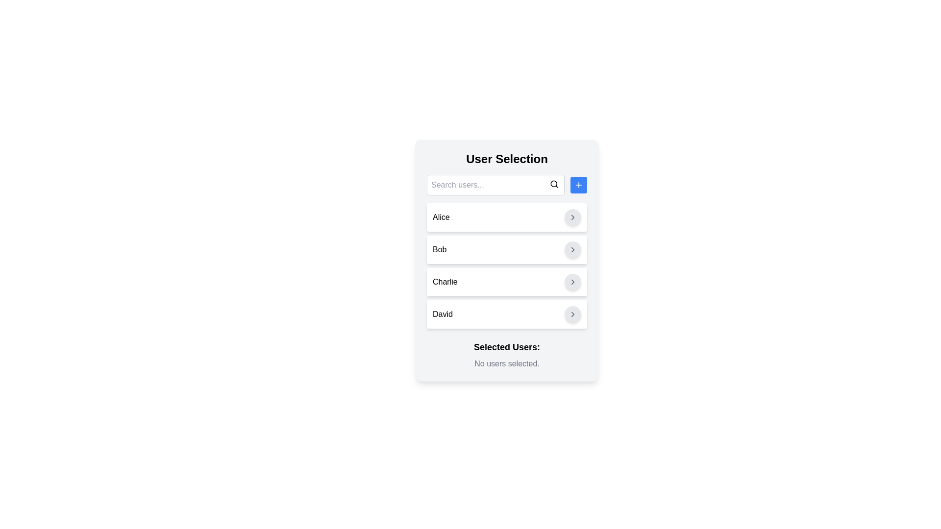  I want to click on the text label displaying 'Bob', so click(439, 249).